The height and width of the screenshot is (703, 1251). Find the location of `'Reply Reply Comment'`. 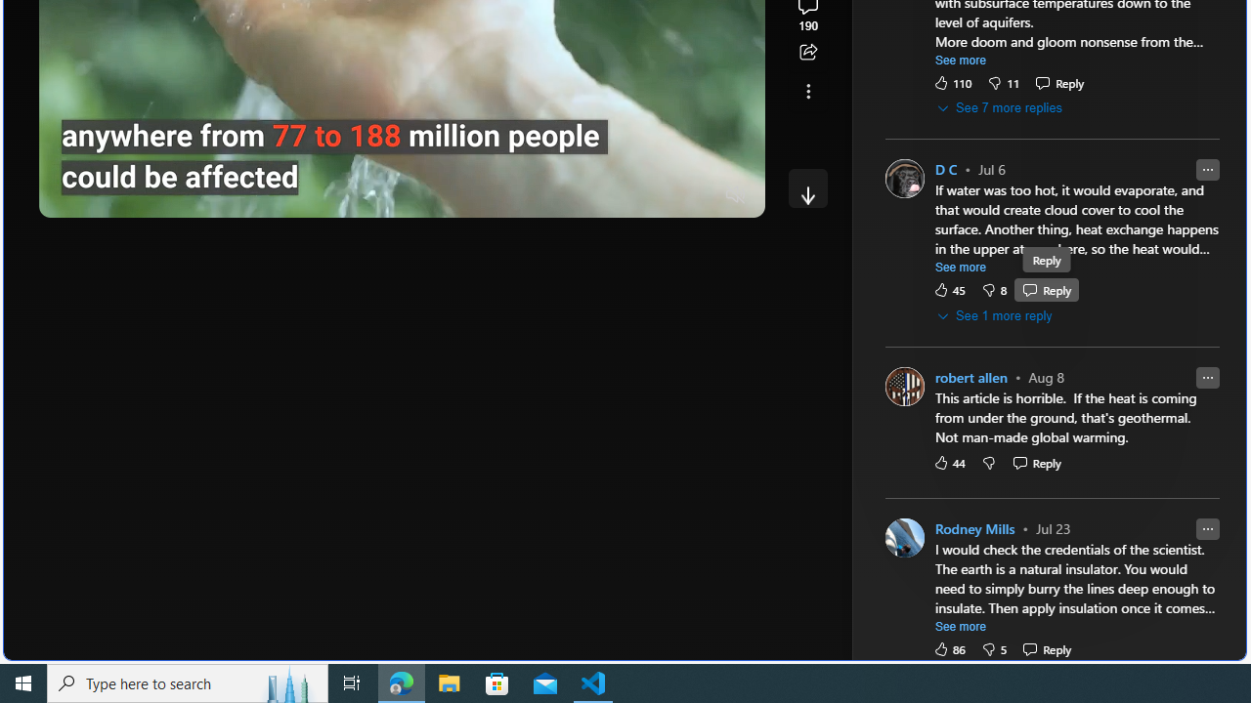

'Reply Reply Comment' is located at coordinates (1046, 648).